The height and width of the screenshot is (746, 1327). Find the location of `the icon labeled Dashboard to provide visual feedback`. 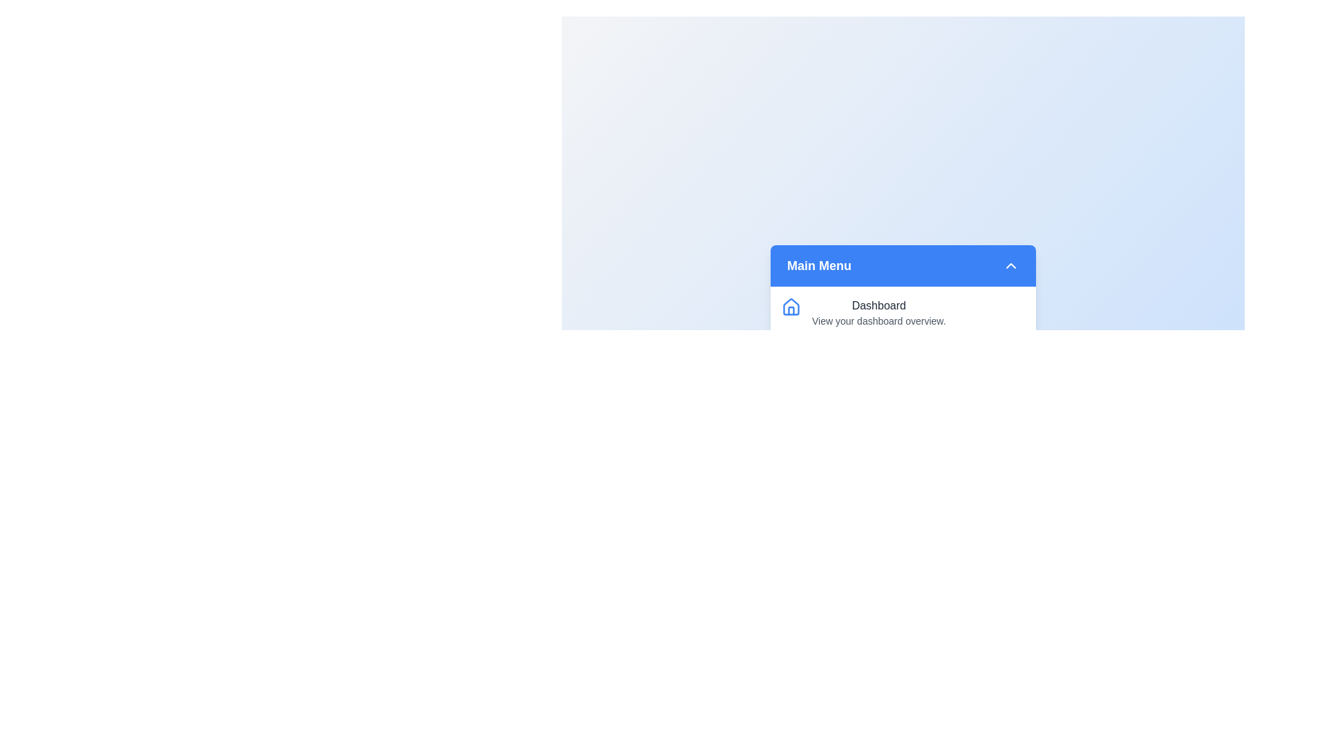

the icon labeled Dashboard to provide visual feedback is located at coordinates (791, 306).